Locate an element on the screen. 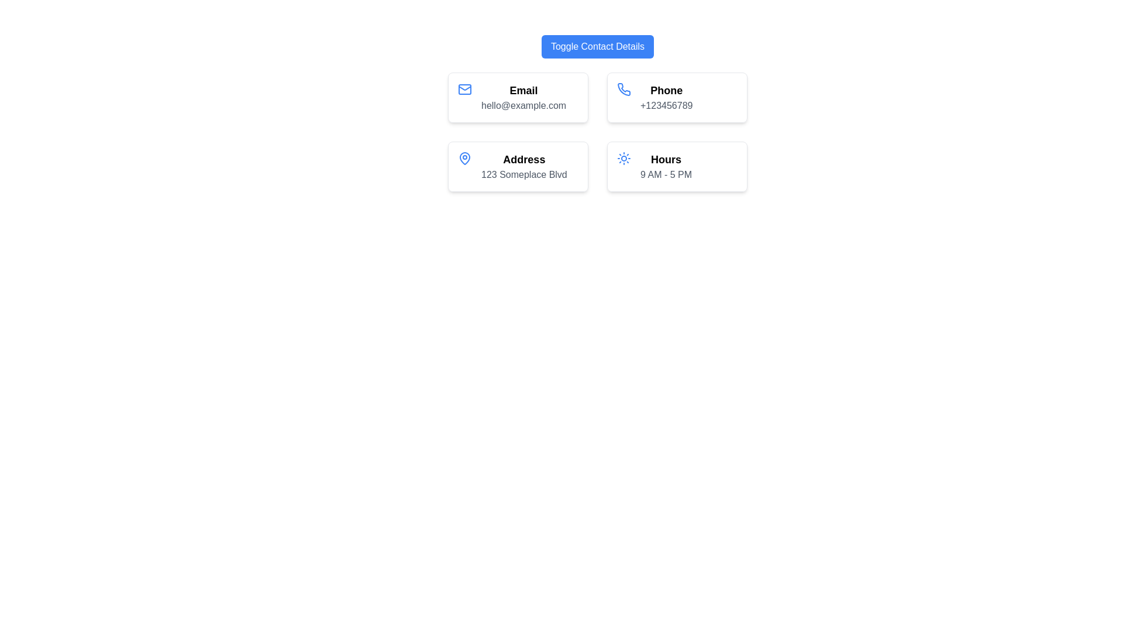 The height and width of the screenshot is (632, 1123). the text label indicating the hours of operation located at the top of the tile containing operating hours information, positioned above the text '9 AM - 5 PM' in the bottom right corner of a four-tile grid is located at coordinates (666, 160).